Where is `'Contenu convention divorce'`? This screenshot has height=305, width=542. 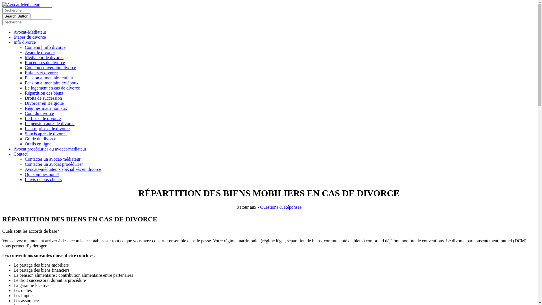
'Contenu convention divorce' is located at coordinates (50, 67).